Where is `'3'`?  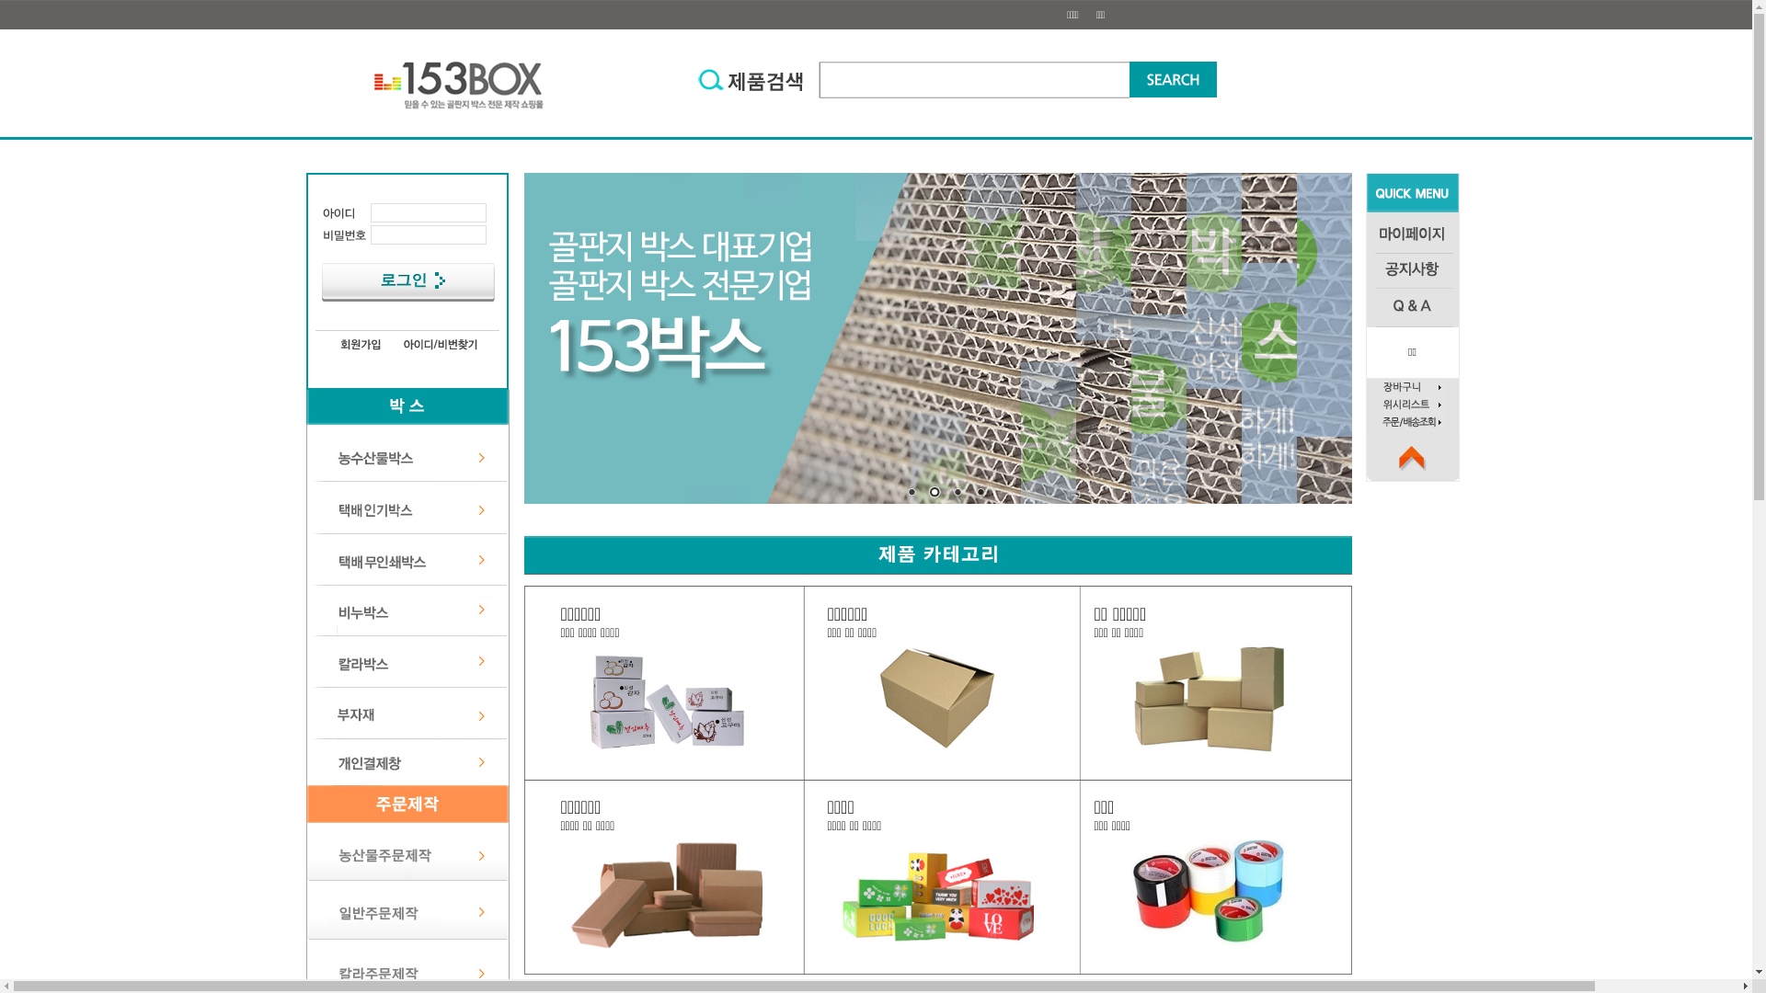
'3' is located at coordinates (957, 492).